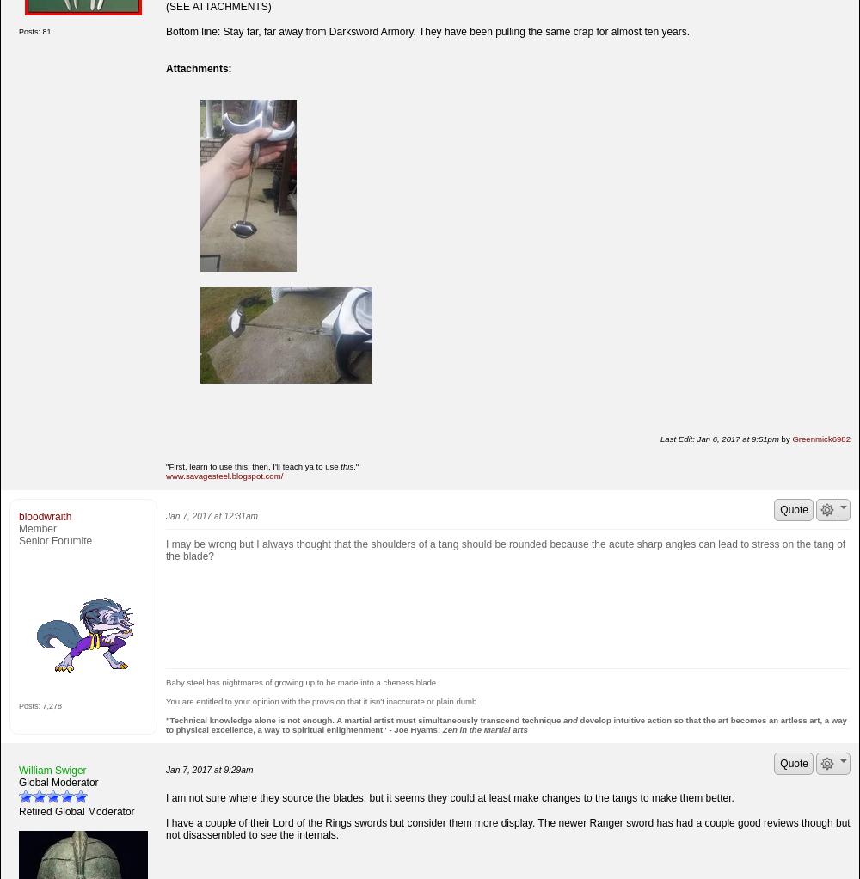 The height and width of the screenshot is (879, 860). What do you see at coordinates (165, 699) in the screenshot?
I see `'You are entitled to your opinion with the provision that it isn't inaccurate or plain dumb'` at bounding box center [165, 699].